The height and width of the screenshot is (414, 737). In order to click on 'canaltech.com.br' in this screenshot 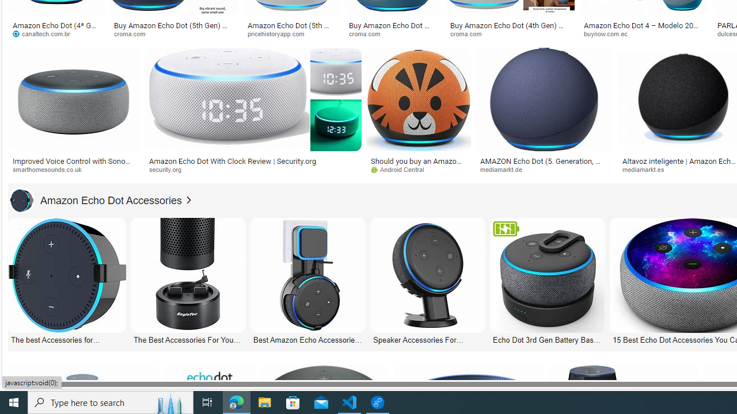, I will do `click(55, 33)`.